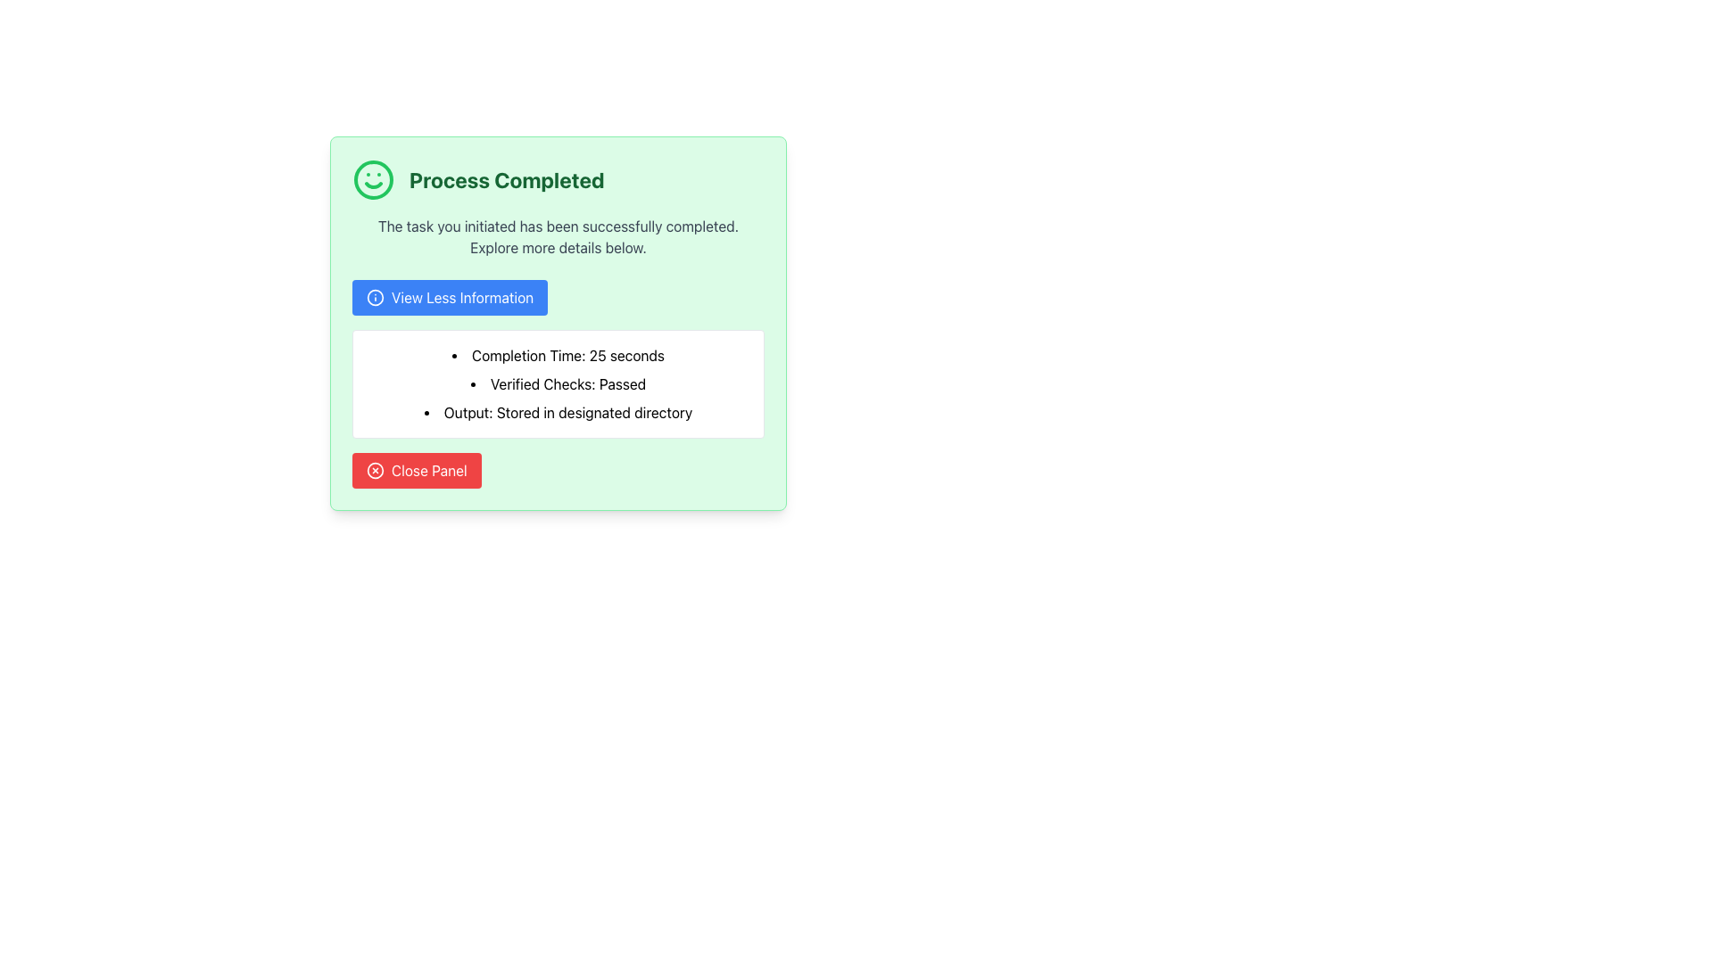 This screenshot has width=1713, height=963. What do you see at coordinates (375, 297) in the screenshot?
I see `the circular part of the information icon located within the SVG icon group at the top-left corner of the light green notification card` at bounding box center [375, 297].